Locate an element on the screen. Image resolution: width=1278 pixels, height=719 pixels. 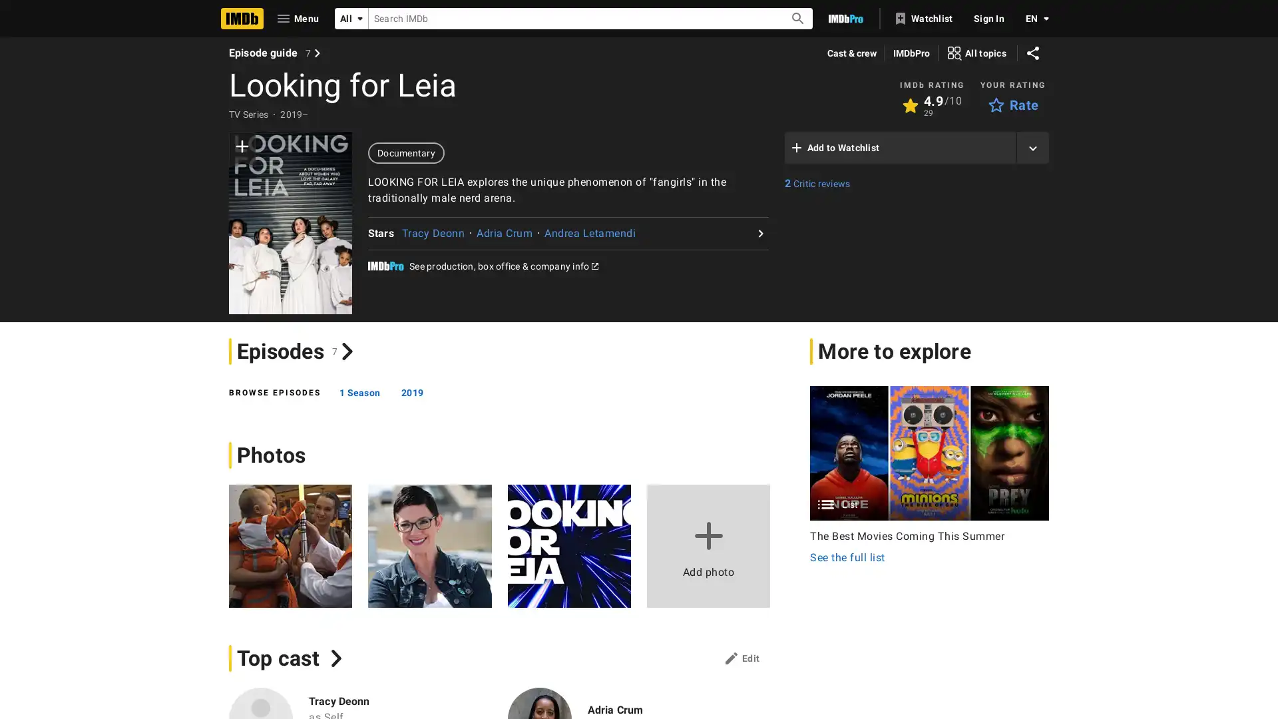
2019 is located at coordinates (411, 391).